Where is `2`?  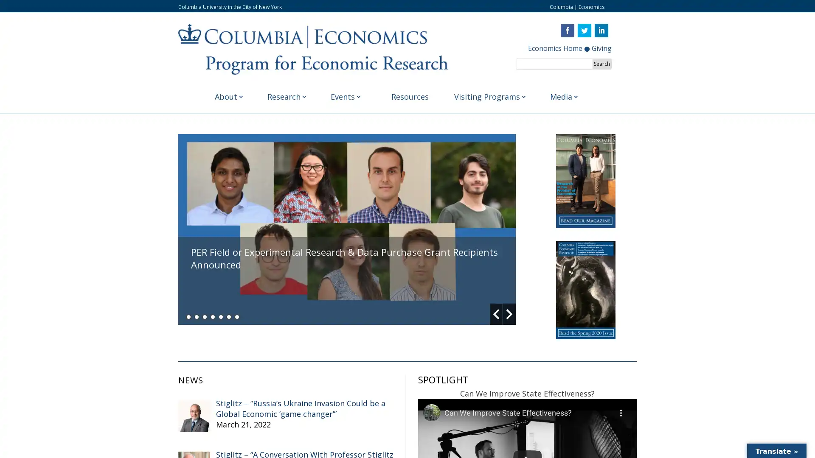 2 is located at coordinates (196, 316).